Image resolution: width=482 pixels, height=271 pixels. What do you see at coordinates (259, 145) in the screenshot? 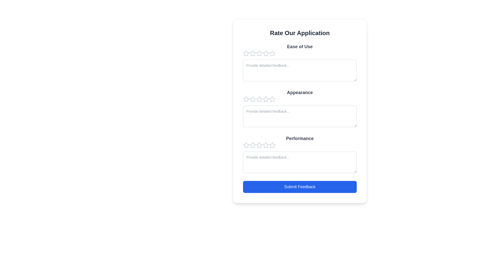
I see `the second star icon in the rating system under the 'Performance' section` at bounding box center [259, 145].